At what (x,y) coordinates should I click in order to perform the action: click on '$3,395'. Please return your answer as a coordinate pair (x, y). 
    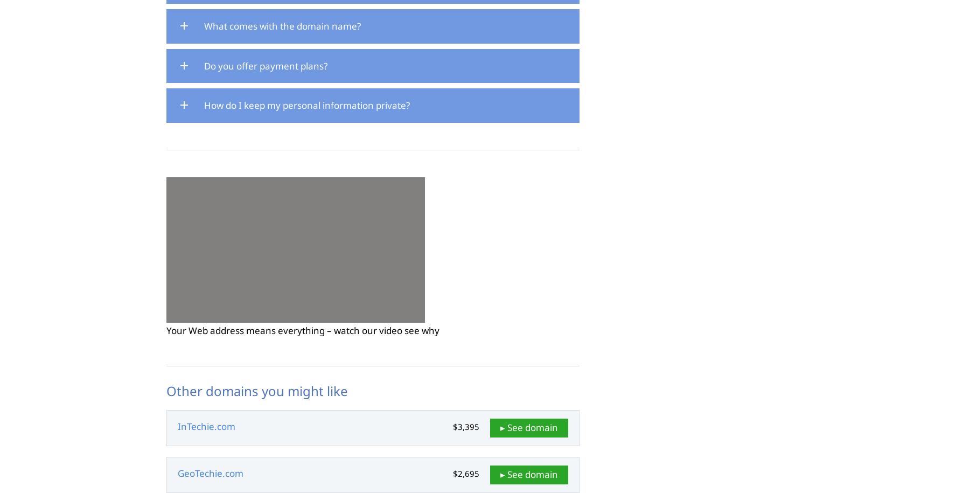
    Looking at the image, I should click on (465, 426).